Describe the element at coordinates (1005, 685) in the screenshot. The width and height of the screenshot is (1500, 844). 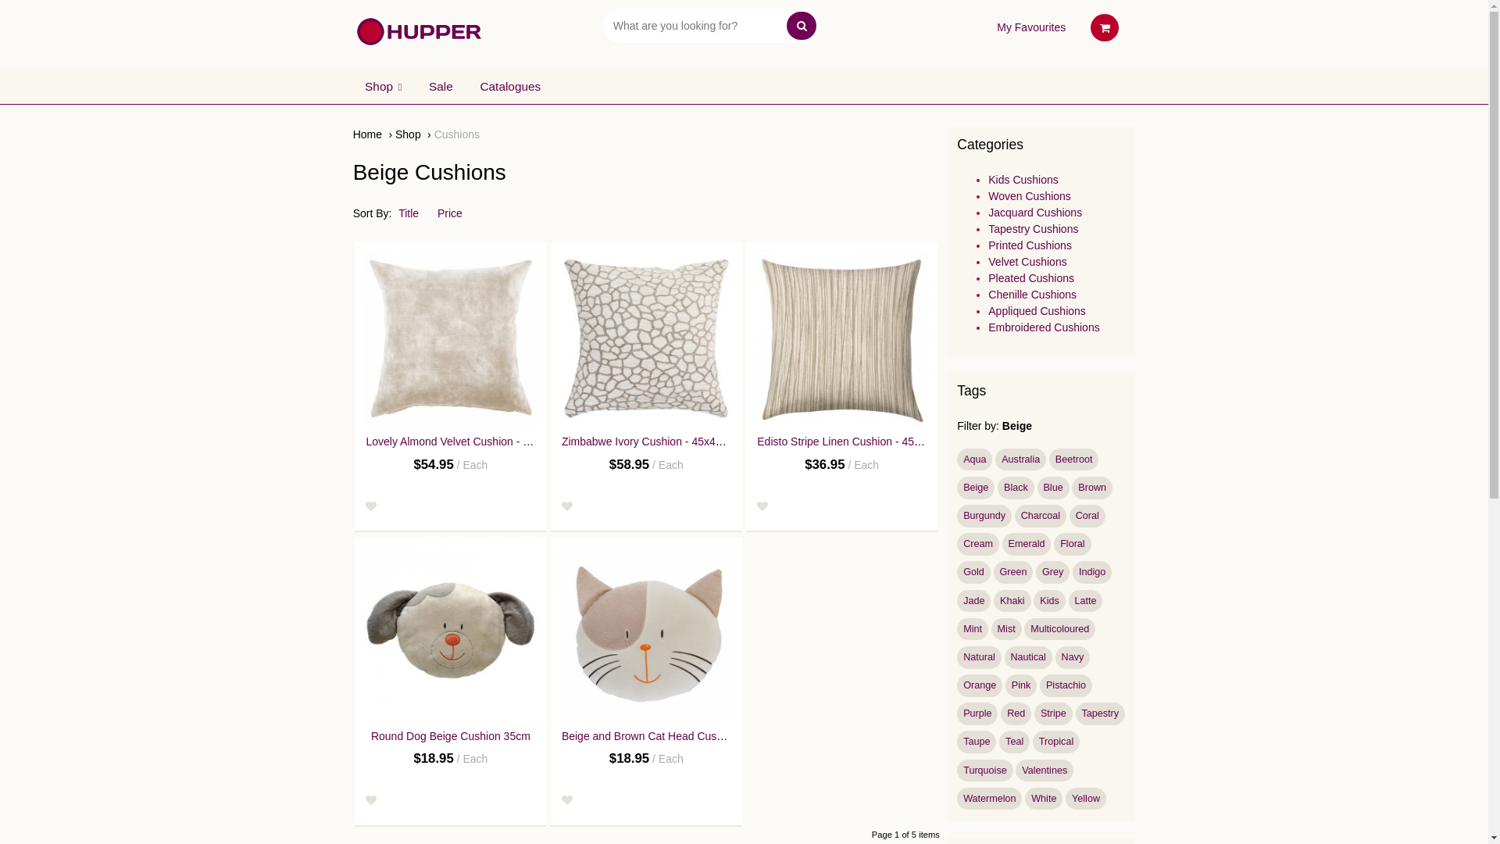
I see `'Pink'` at that location.